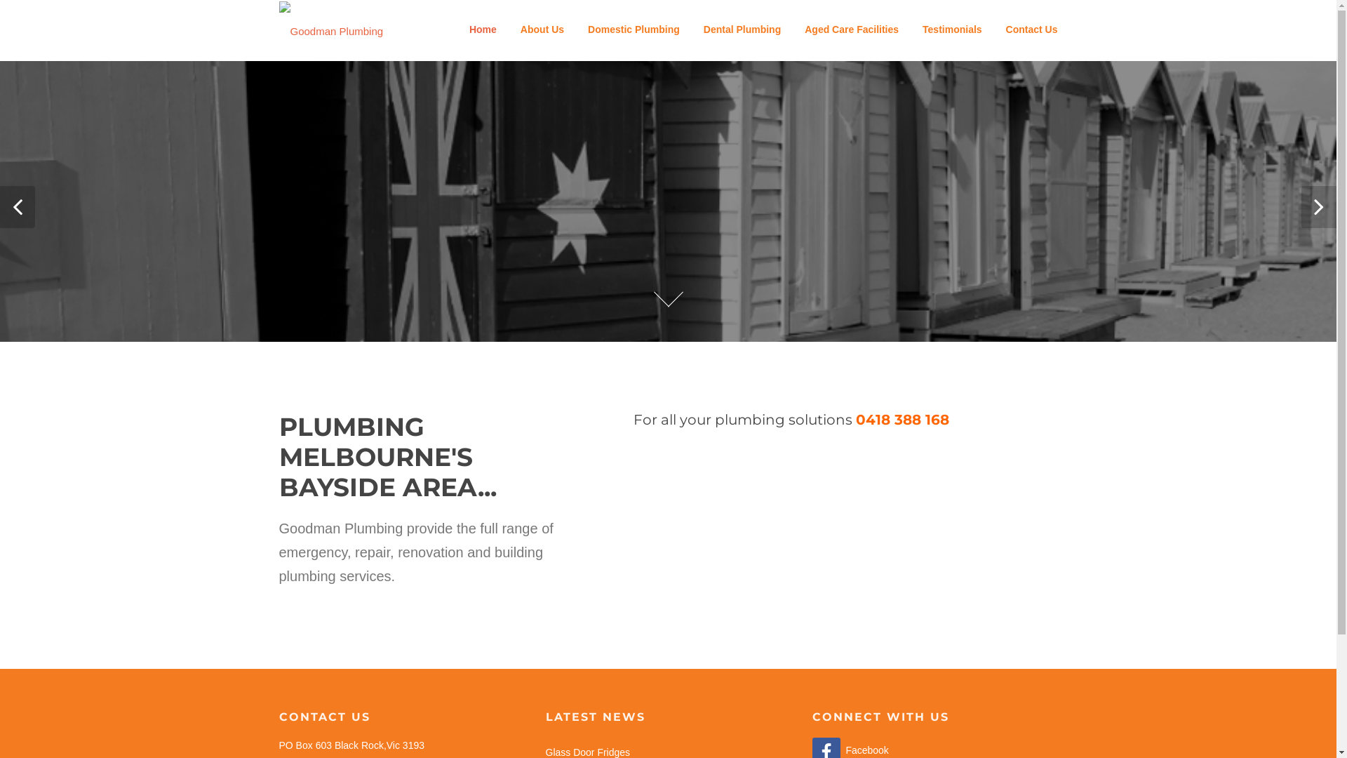 The height and width of the screenshot is (758, 1347). What do you see at coordinates (541, 29) in the screenshot?
I see `'About Us'` at bounding box center [541, 29].